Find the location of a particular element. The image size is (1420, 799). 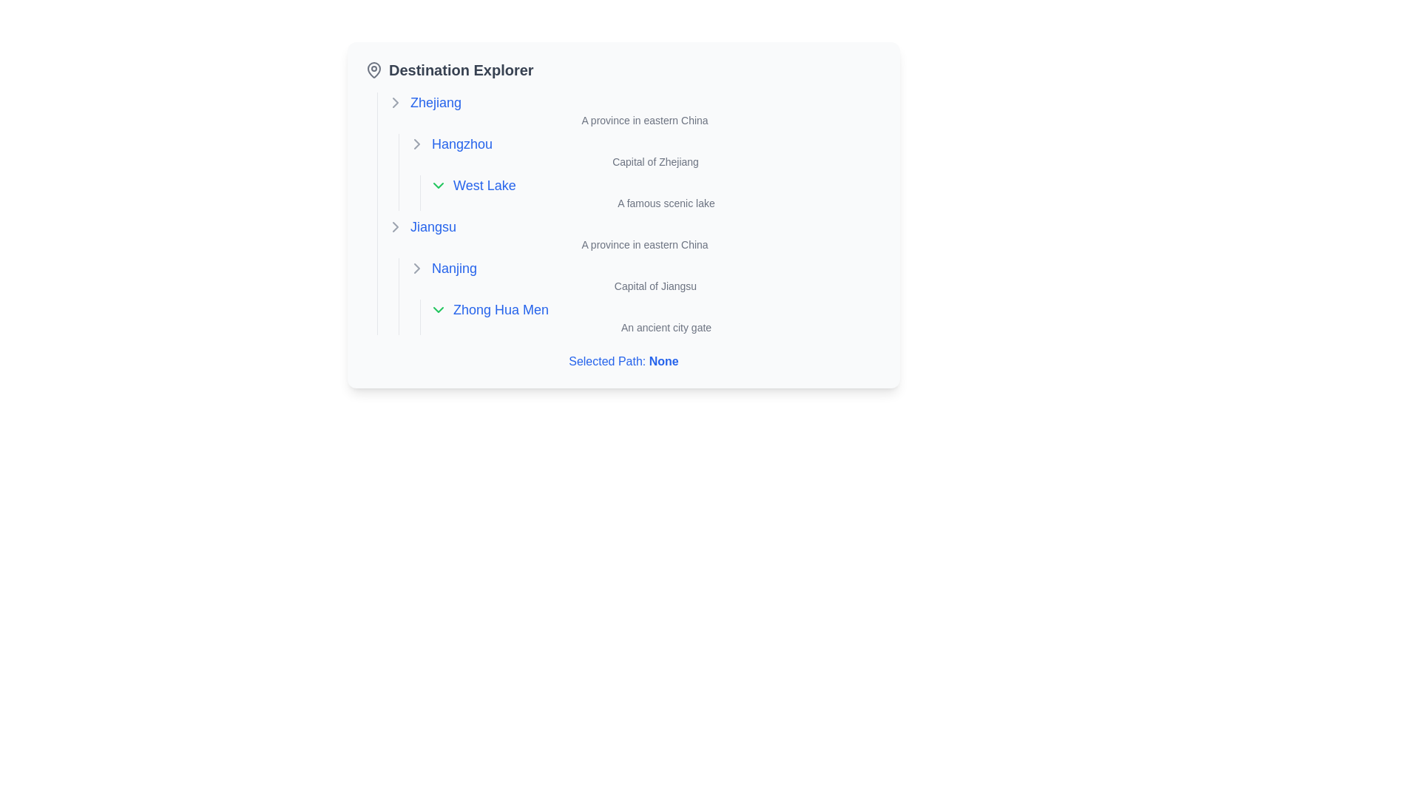

the 'West Lake' link located under 'Hangzhou' is located at coordinates (484, 184).